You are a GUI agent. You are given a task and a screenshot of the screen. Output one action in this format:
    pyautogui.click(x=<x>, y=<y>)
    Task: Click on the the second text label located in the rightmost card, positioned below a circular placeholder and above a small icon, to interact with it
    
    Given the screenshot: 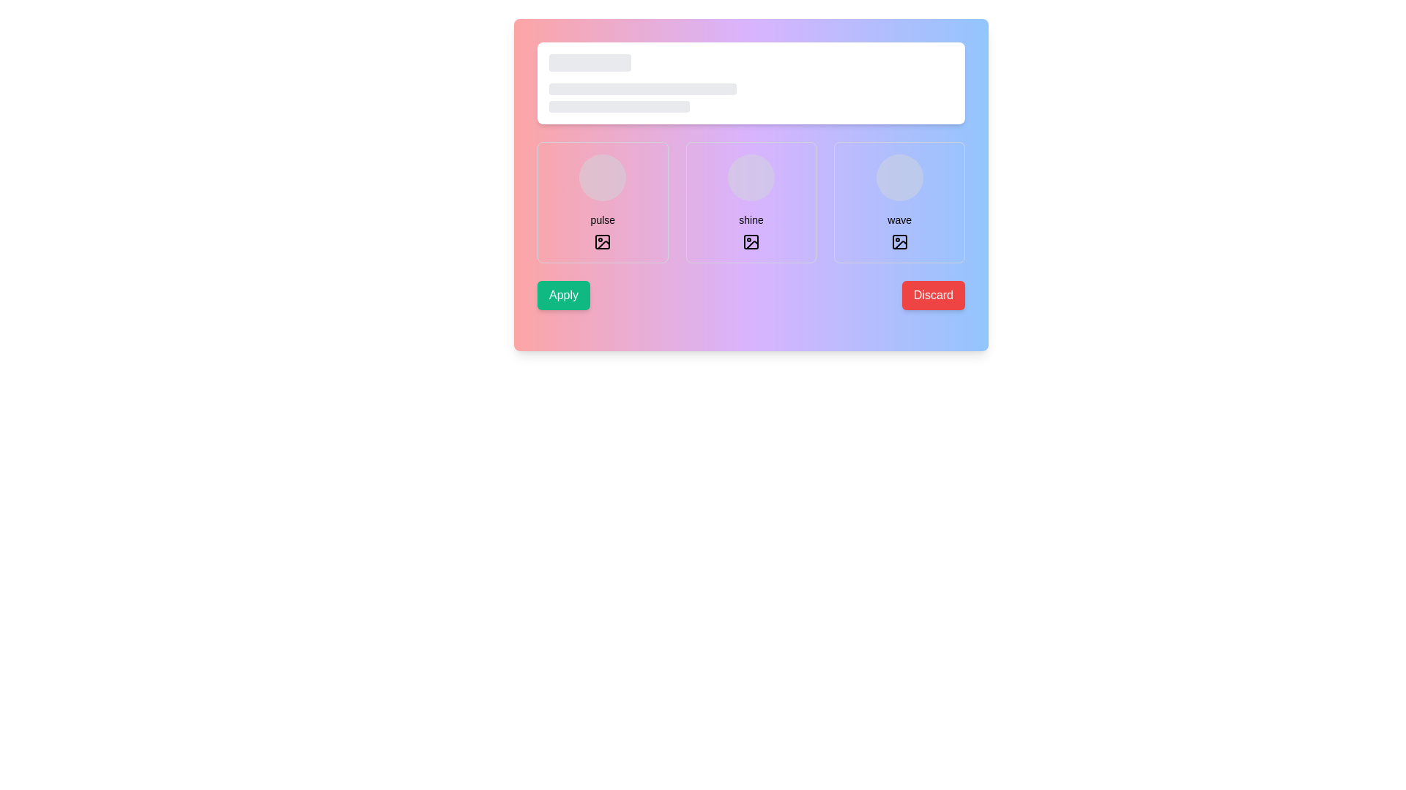 What is the action you would take?
    pyautogui.click(x=899, y=219)
    